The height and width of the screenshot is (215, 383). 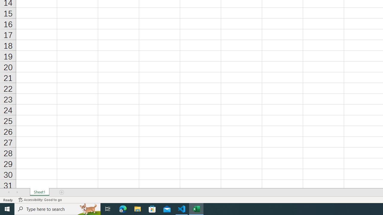 I want to click on 'Accessibility Checker Accessibility: Good to go', so click(x=40, y=200).